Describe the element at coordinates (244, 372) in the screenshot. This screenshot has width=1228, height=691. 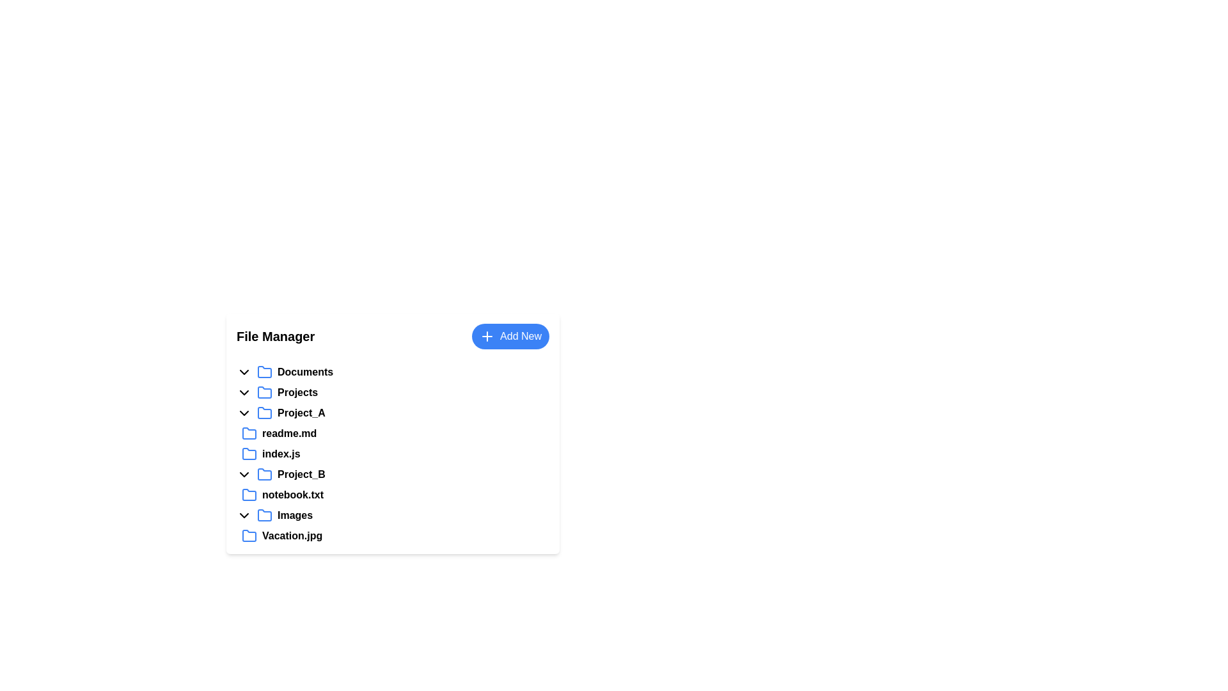
I see `the downward-pointing chevron icon located to the left of the 'Documents' text` at that location.